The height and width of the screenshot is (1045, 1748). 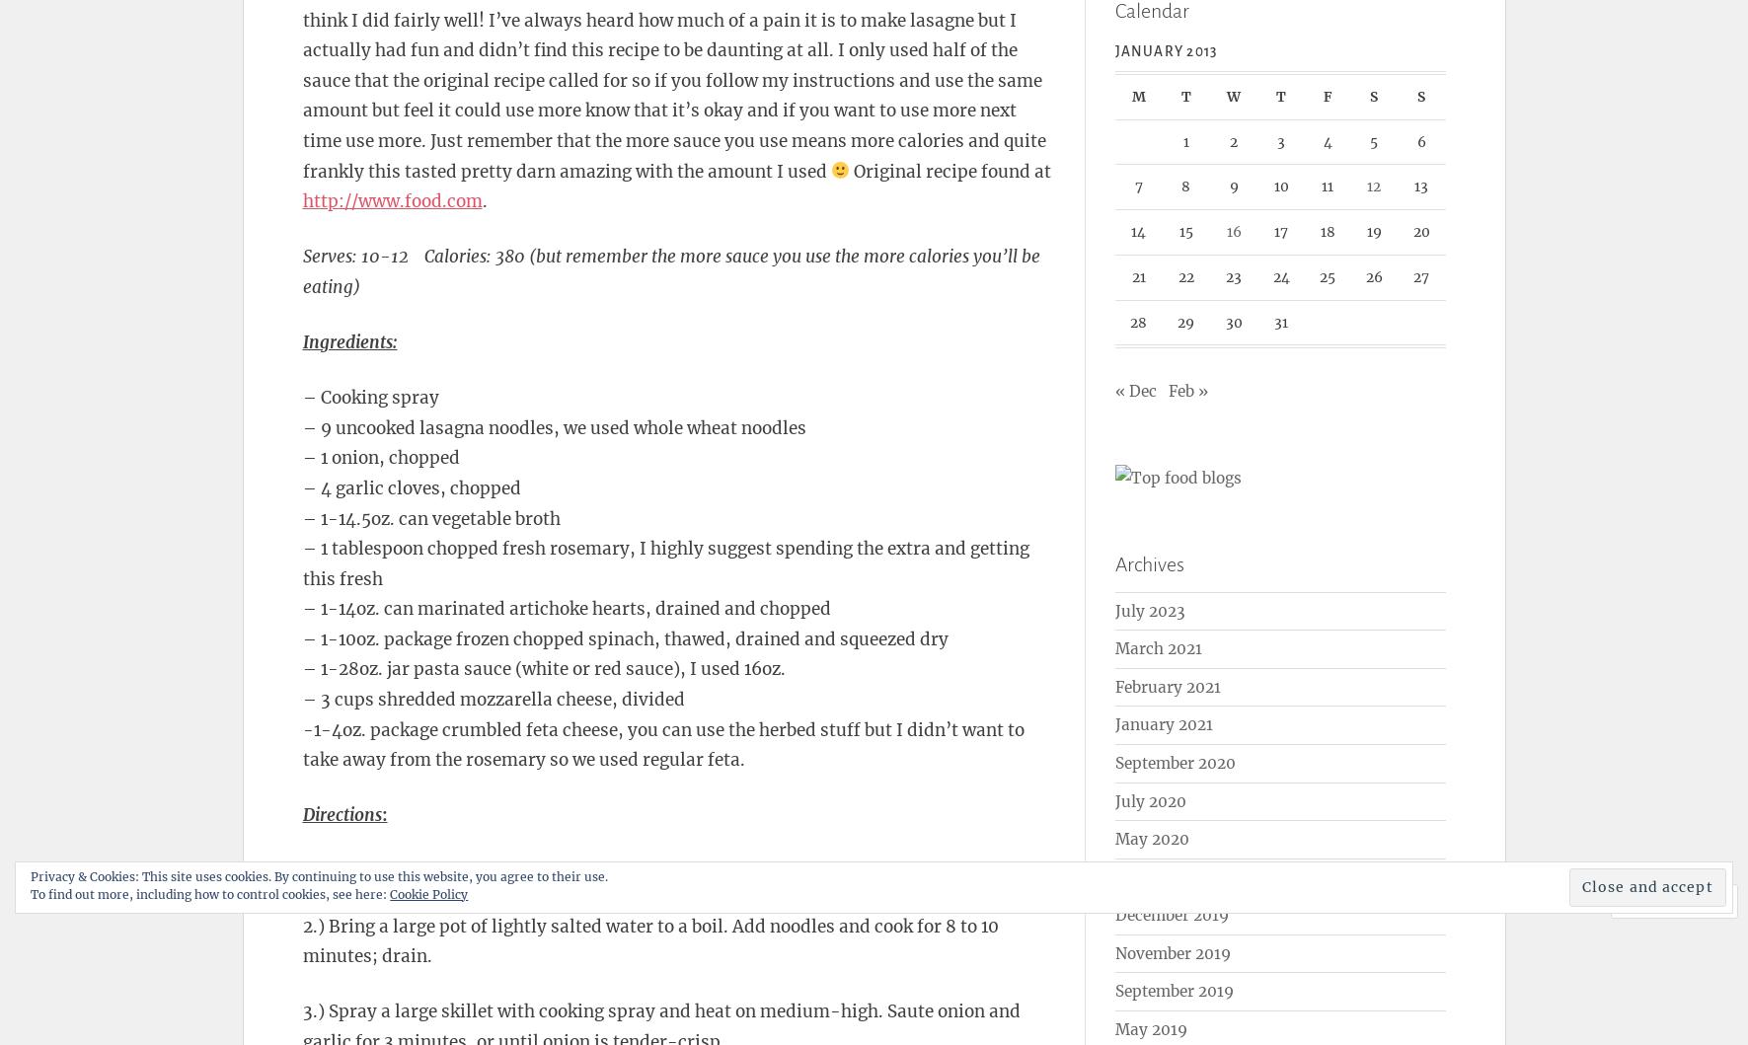 What do you see at coordinates (1138, 320) in the screenshot?
I see `'28'` at bounding box center [1138, 320].